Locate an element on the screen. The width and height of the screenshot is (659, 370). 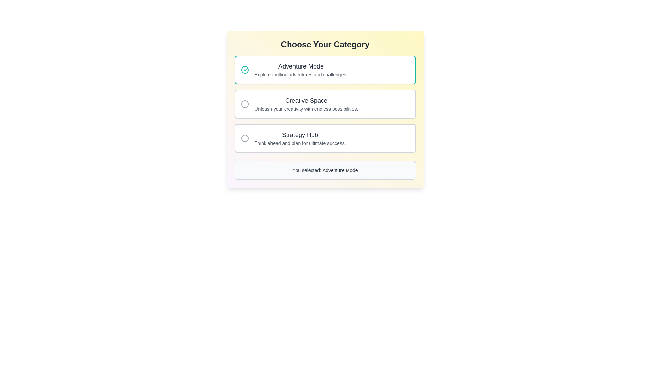
the middle selectable category option in the vertically stacked group is located at coordinates (325, 104).